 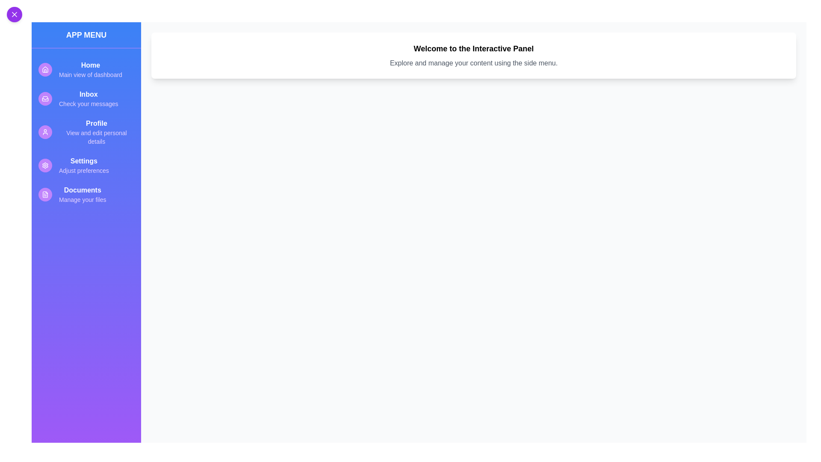 I want to click on the main panel to focus on it, so click(x=473, y=56).